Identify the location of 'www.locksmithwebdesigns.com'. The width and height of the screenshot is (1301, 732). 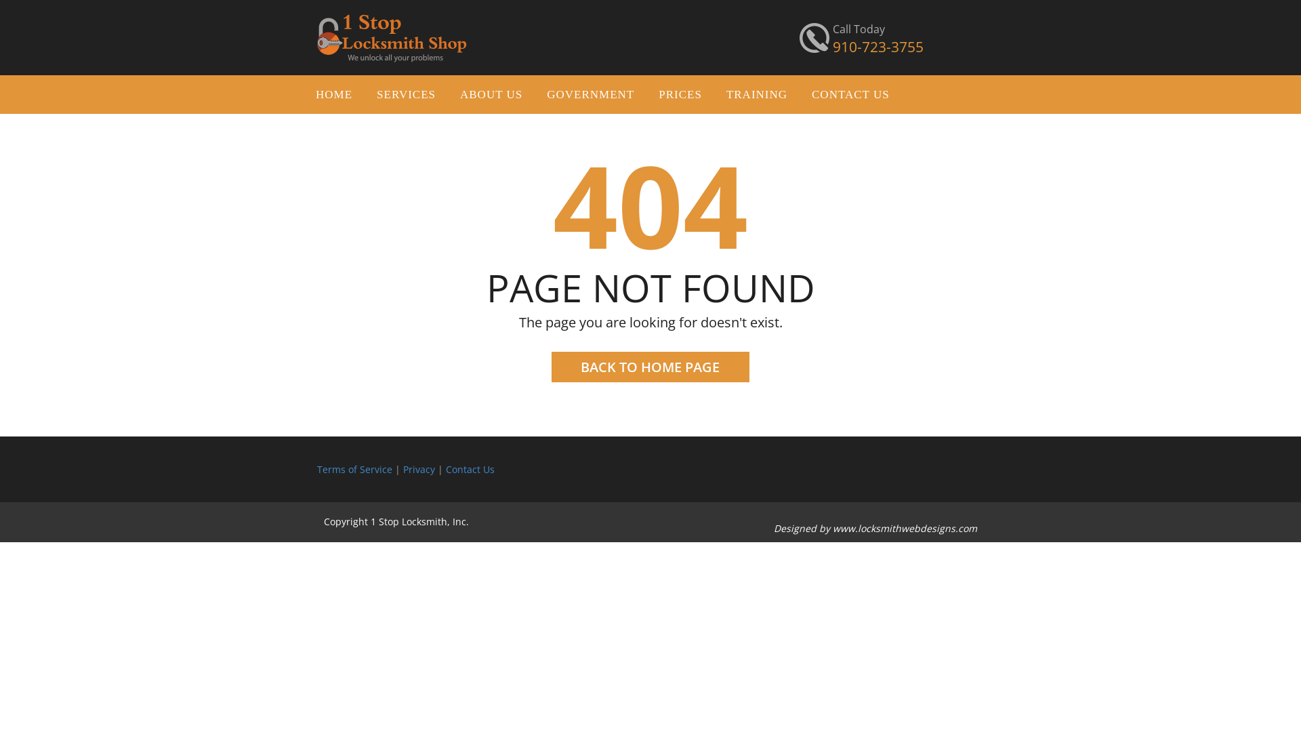
(905, 527).